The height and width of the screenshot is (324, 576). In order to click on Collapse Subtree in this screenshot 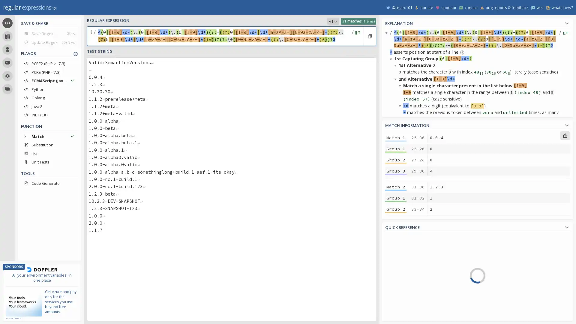, I will do `click(396, 65)`.